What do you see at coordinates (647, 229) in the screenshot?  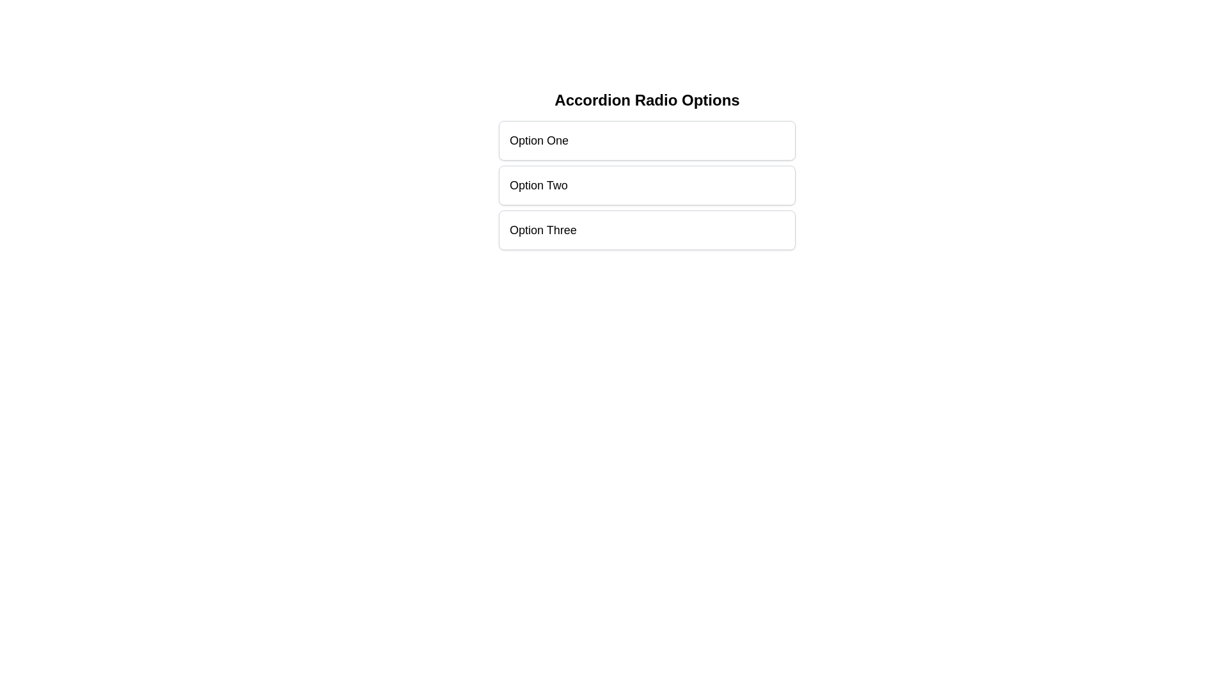 I see `the button labeled 'Option Three'` at bounding box center [647, 229].